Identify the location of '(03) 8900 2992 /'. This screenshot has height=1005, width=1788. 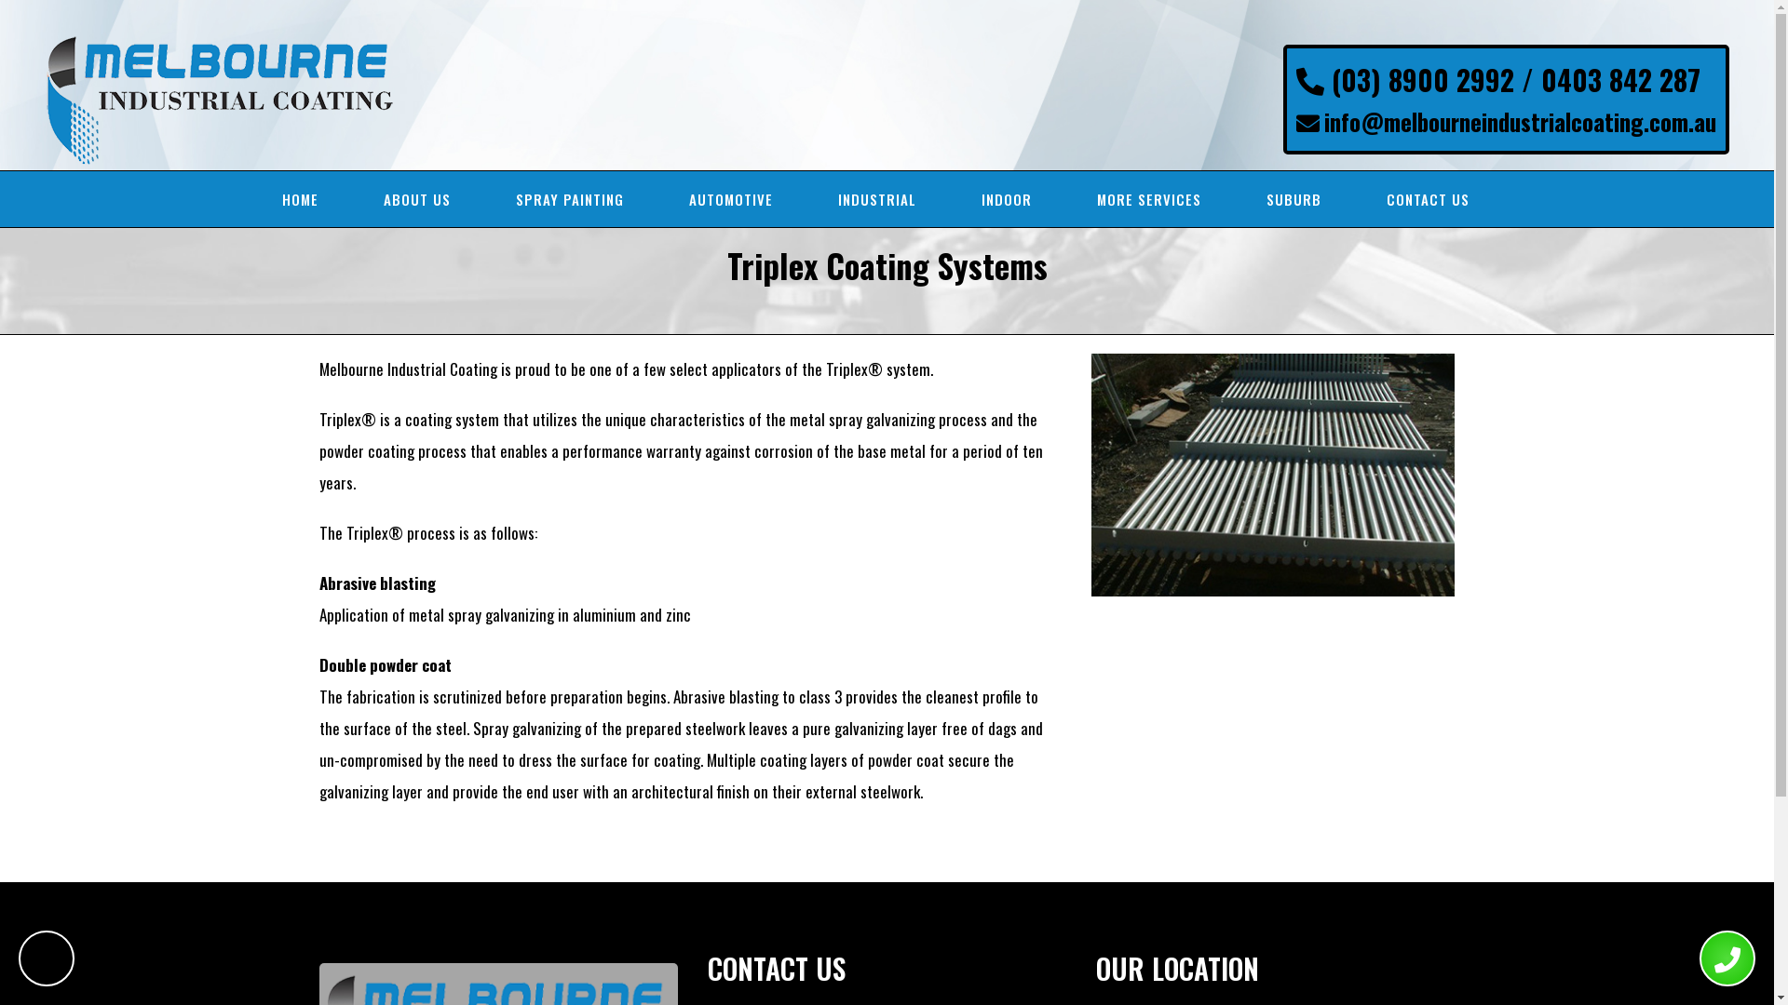
(1417, 78).